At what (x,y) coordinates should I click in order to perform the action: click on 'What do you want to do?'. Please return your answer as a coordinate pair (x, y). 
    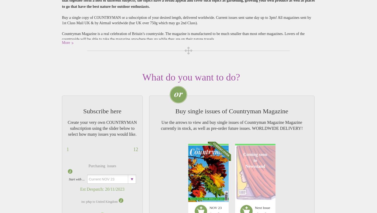
    Looking at the image, I should click on (191, 77).